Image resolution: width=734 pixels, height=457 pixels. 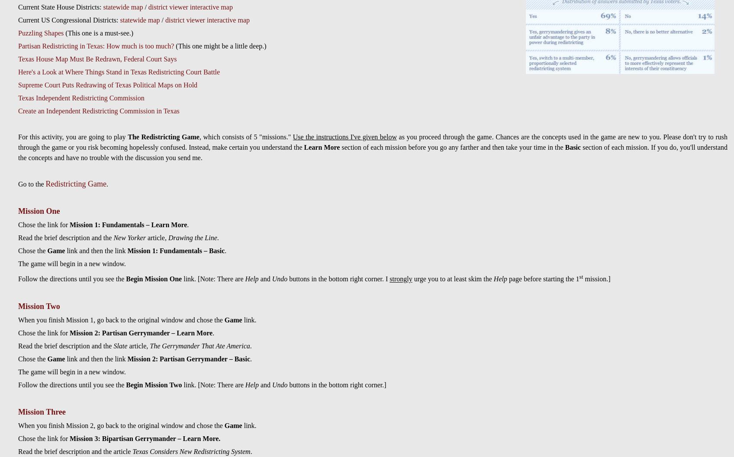 What do you see at coordinates (41, 412) in the screenshot?
I see `'Mission Three'` at bounding box center [41, 412].